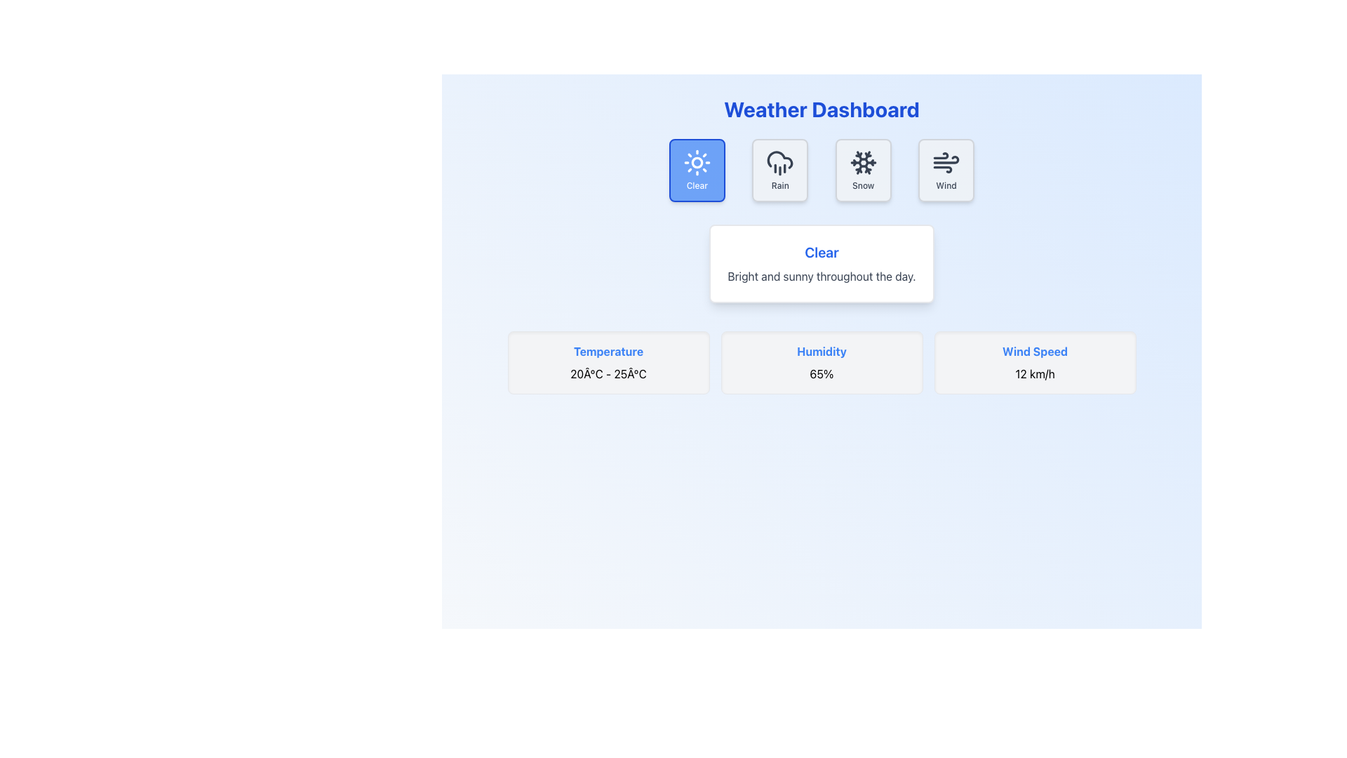 The image size is (1347, 758). I want to click on text label displaying 'Snow', located in the third column of the weather condition selector, below a snowflake icon, so click(862, 185).